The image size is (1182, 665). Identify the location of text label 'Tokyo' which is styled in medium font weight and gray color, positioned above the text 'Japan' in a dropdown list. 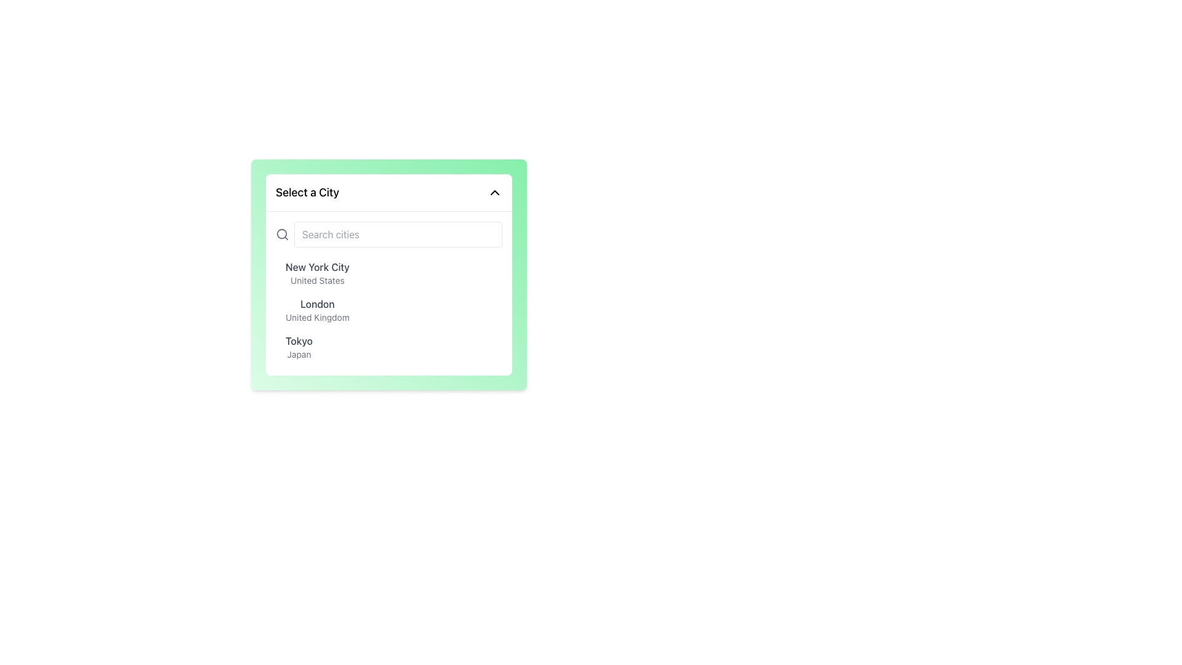
(299, 341).